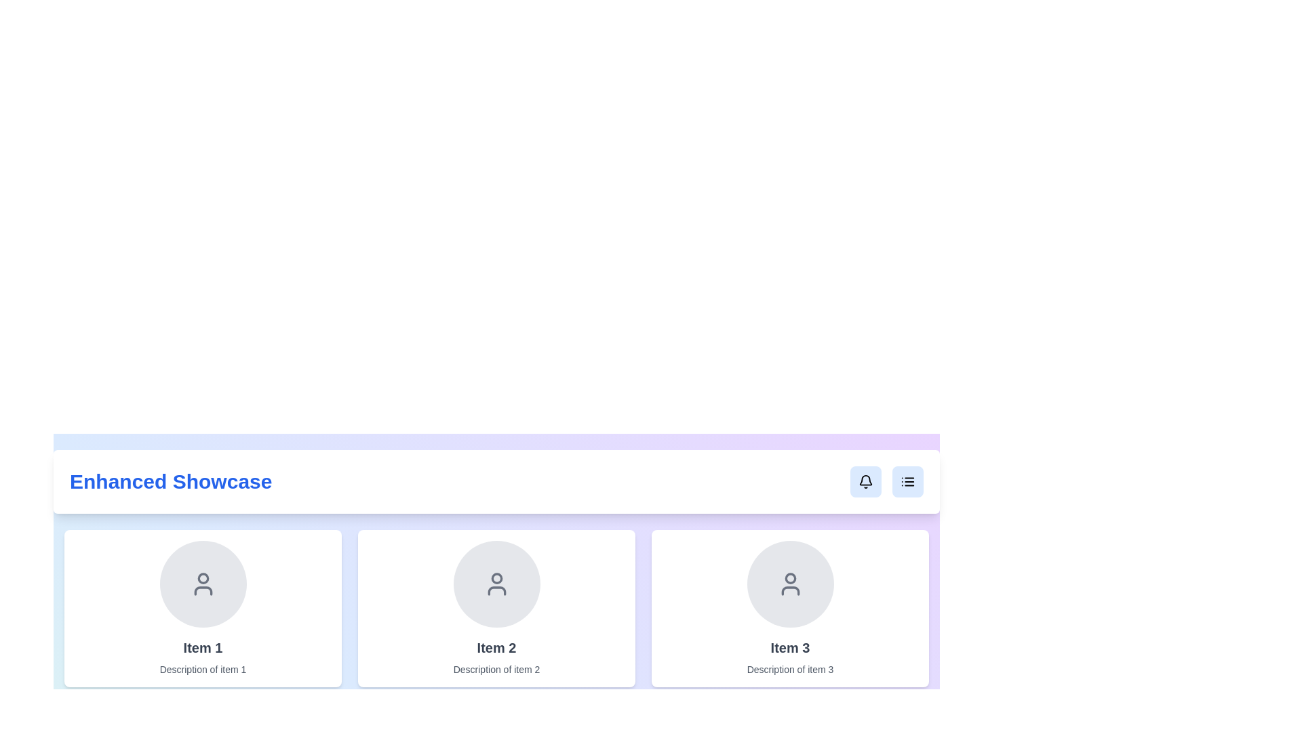 The height and width of the screenshot is (732, 1302). I want to click on the circular graphic located at the top center of the user profile avatar icon within the first card labeled 'Item 1', so click(202, 578).